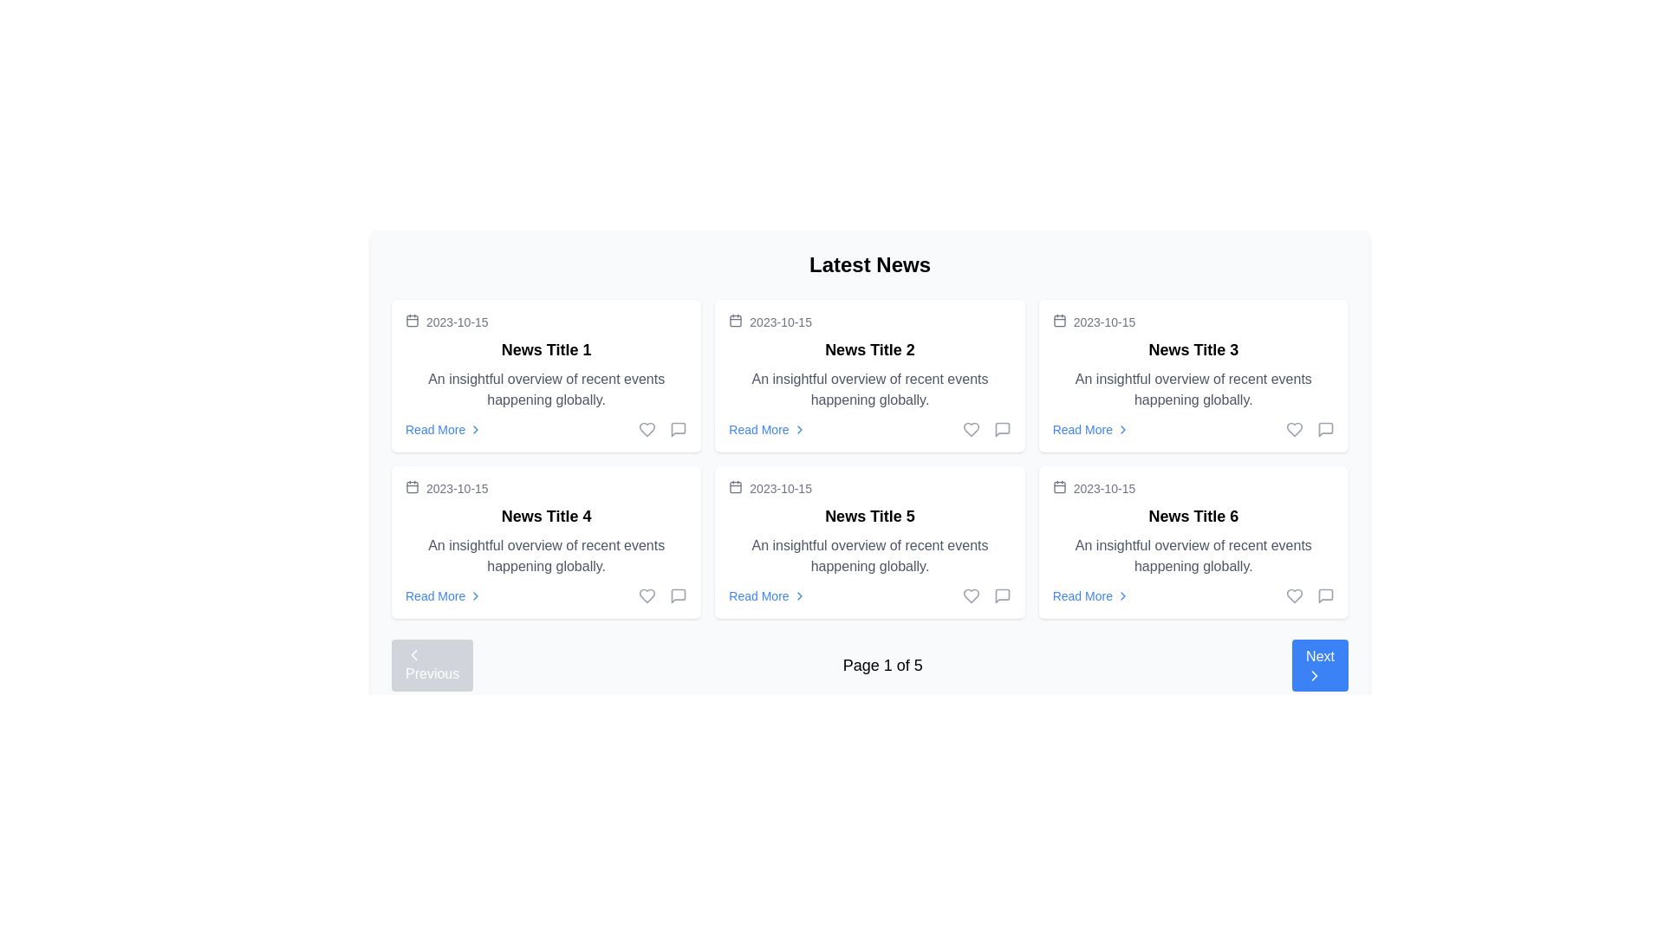 The image size is (1664, 936). What do you see at coordinates (1123, 595) in the screenshot?
I see `the chevron icon used for navigation within the 'Read More' button located in the bottom-right corner of the 'News Title 6' card` at bounding box center [1123, 595].